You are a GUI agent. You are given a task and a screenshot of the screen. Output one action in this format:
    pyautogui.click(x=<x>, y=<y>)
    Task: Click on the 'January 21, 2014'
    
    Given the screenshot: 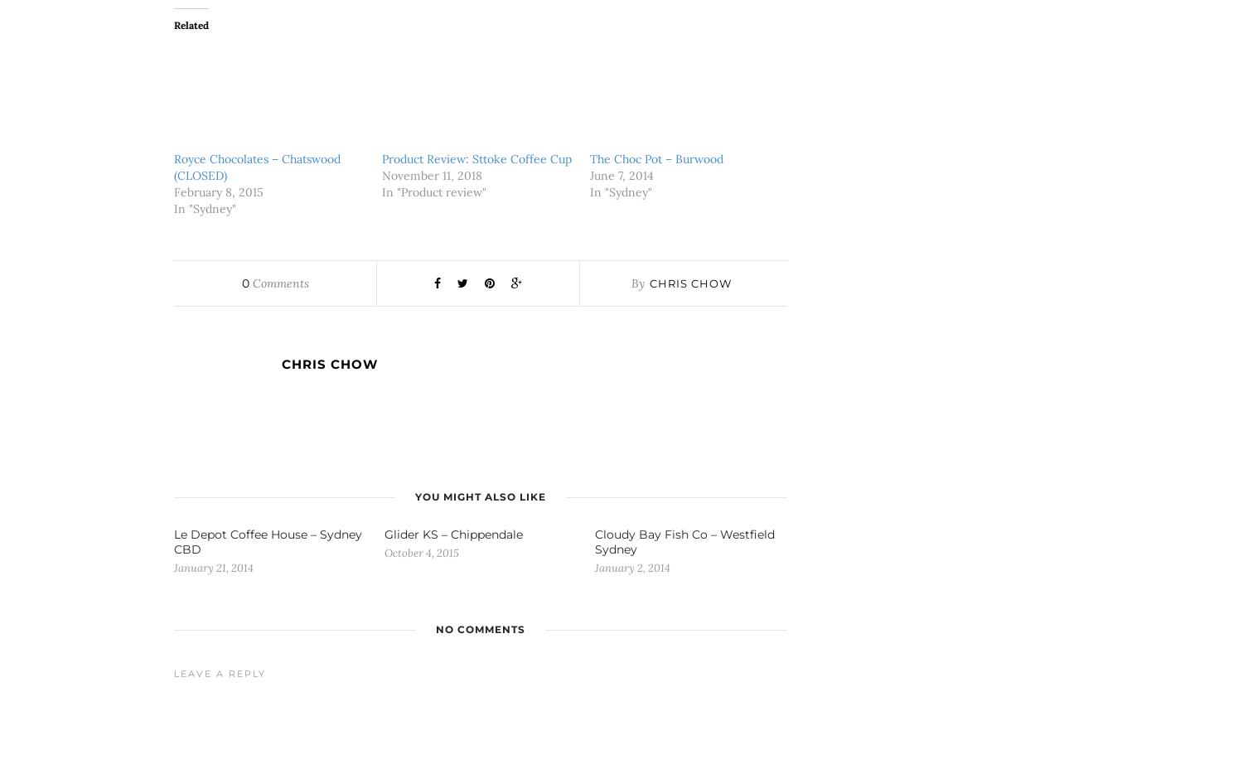 What is the action you would take?
    pyautogui.click(x=214, y=566)
    